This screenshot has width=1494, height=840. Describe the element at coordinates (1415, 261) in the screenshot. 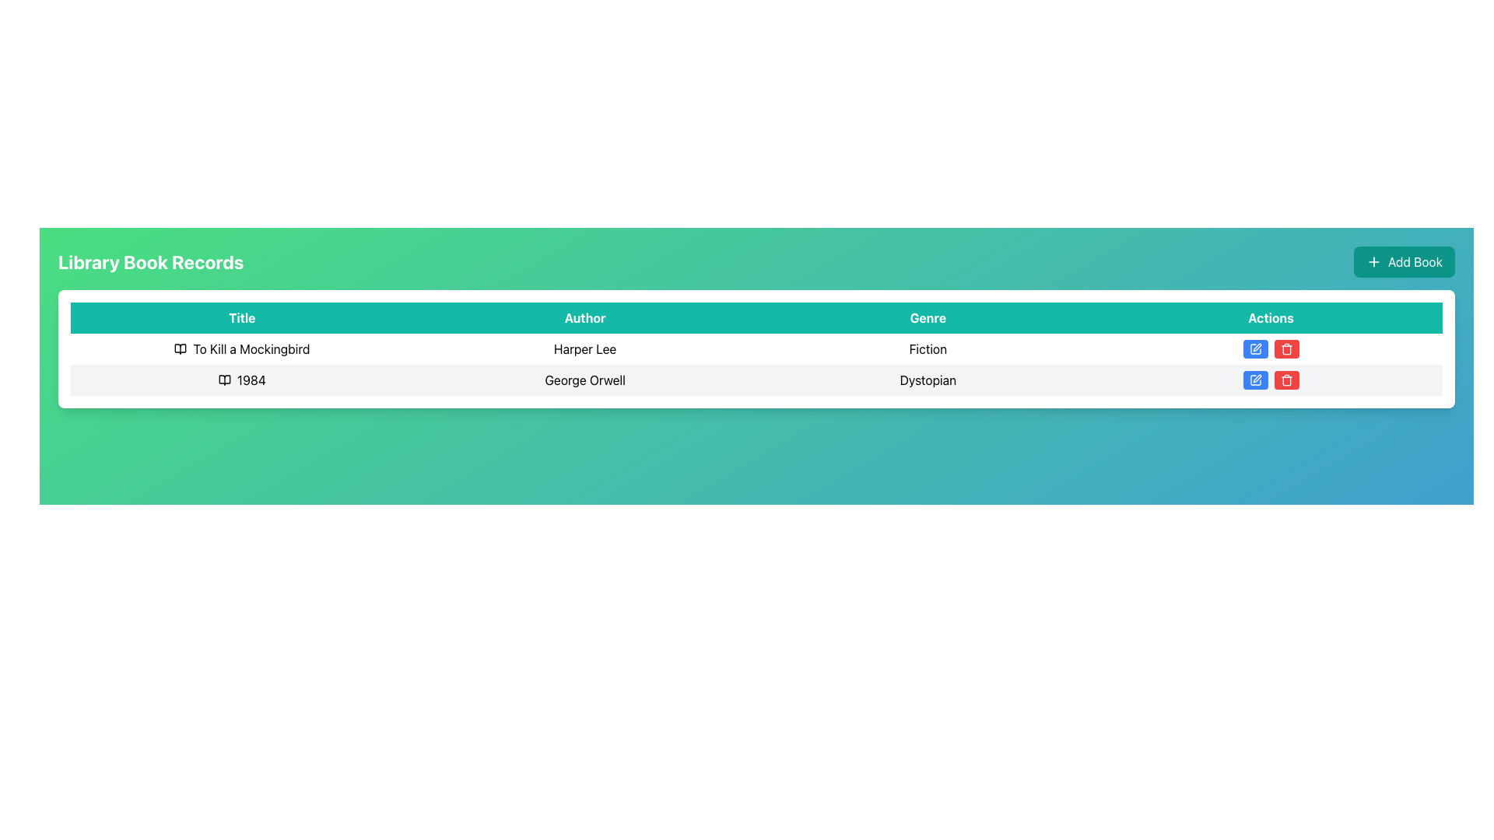

I see `the 'Add Book' text label located on the teal button with rounded corners in the top-right corner of the interface` at that location.